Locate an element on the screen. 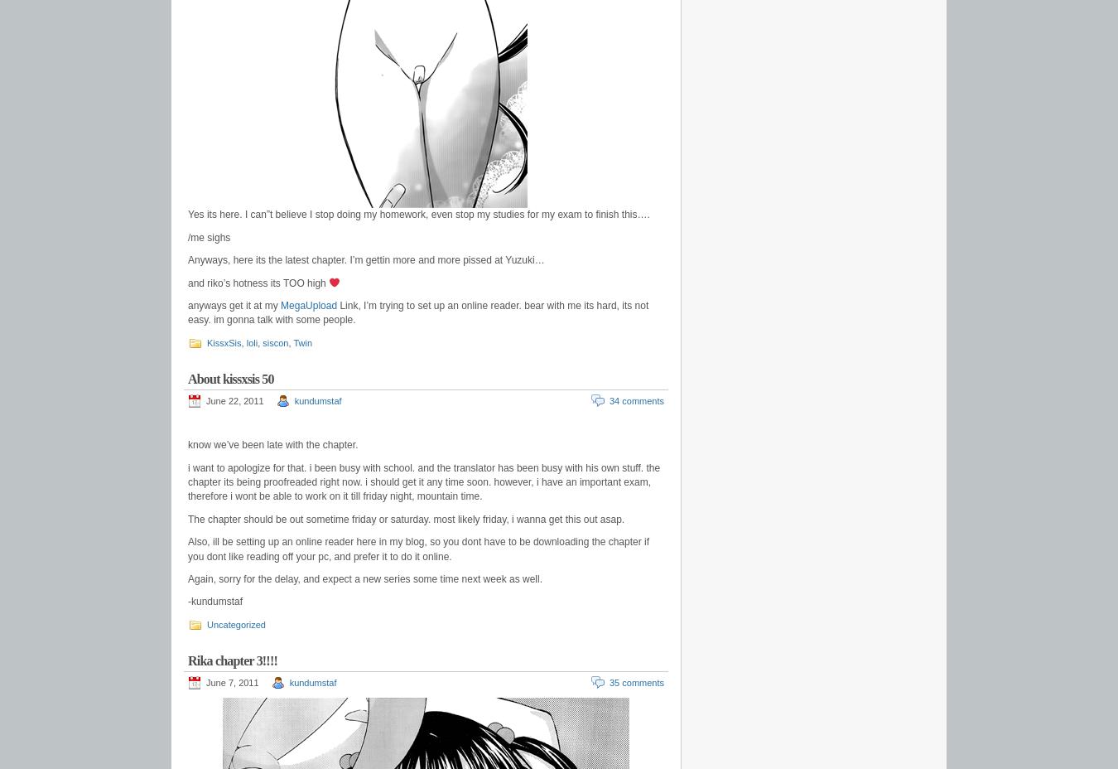 The image size is (1118, 769). 'know we’ve been late with the chapter.' is located at coordinates (272, 444).